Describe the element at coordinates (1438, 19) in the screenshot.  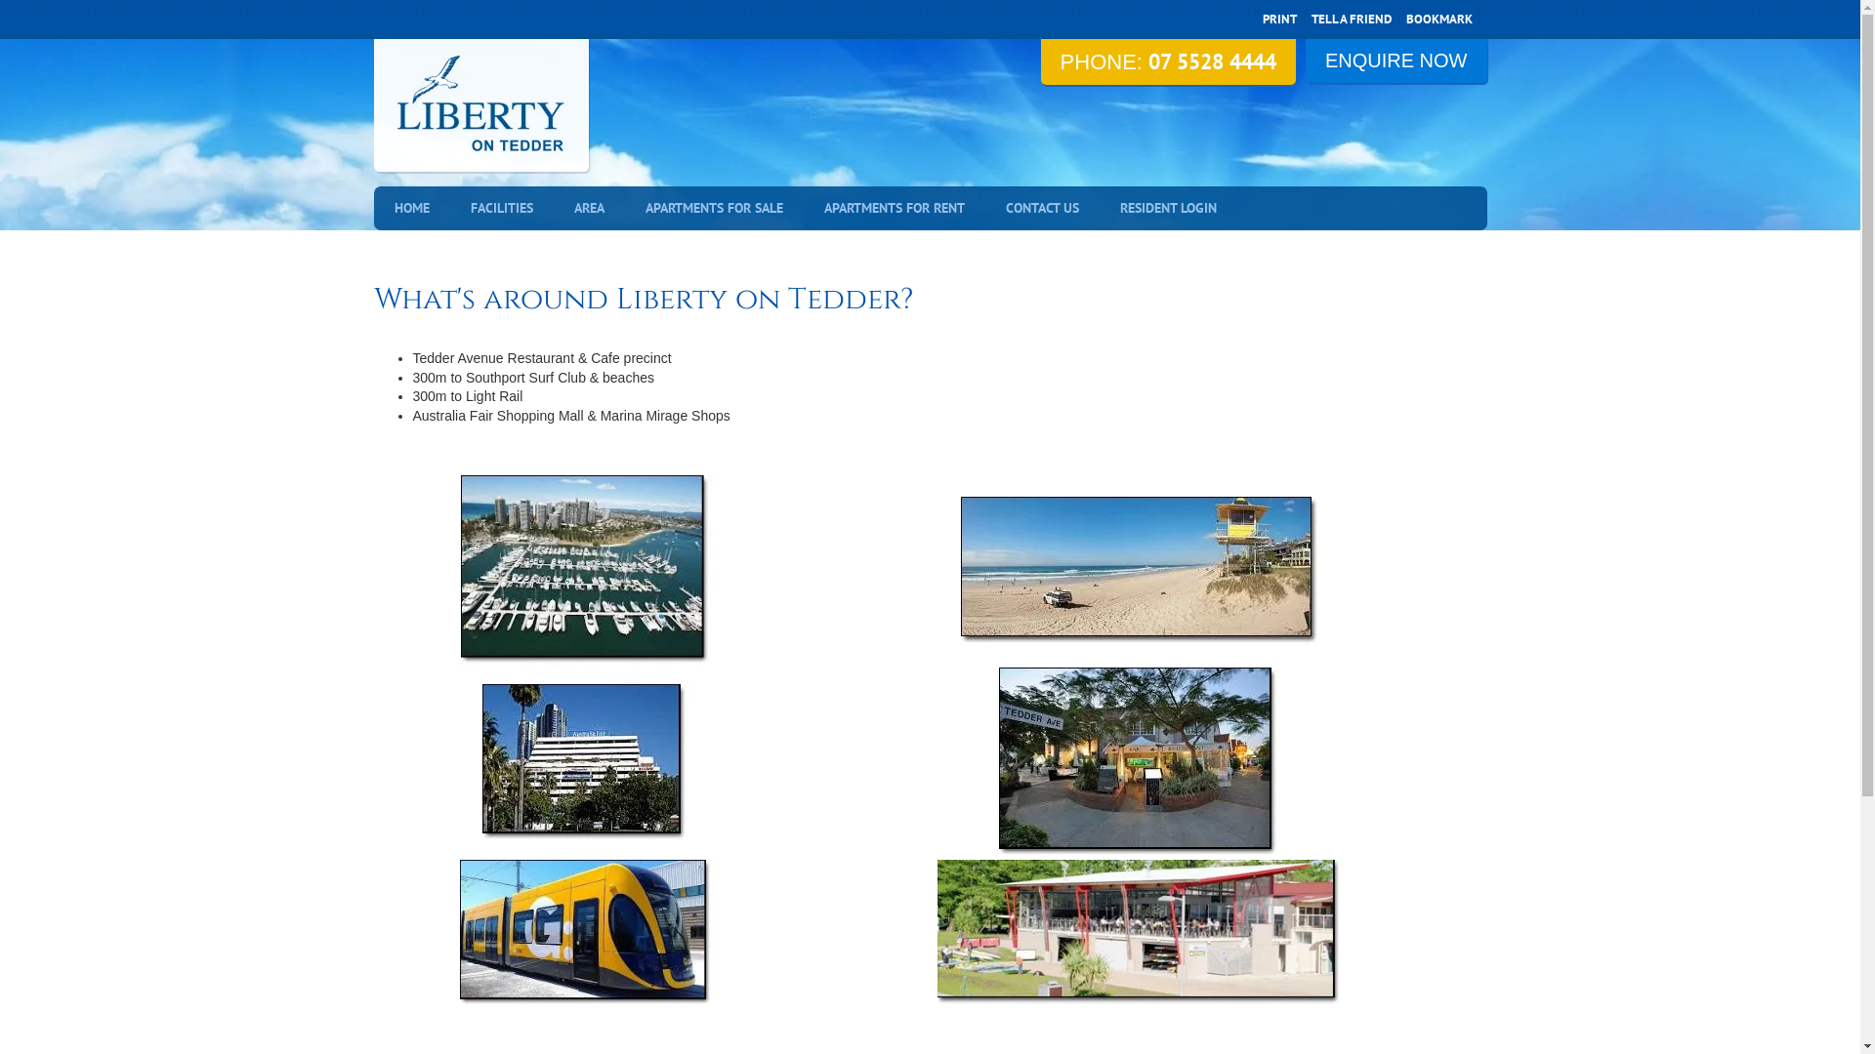
I see `'BOOKMARK'` at that location.